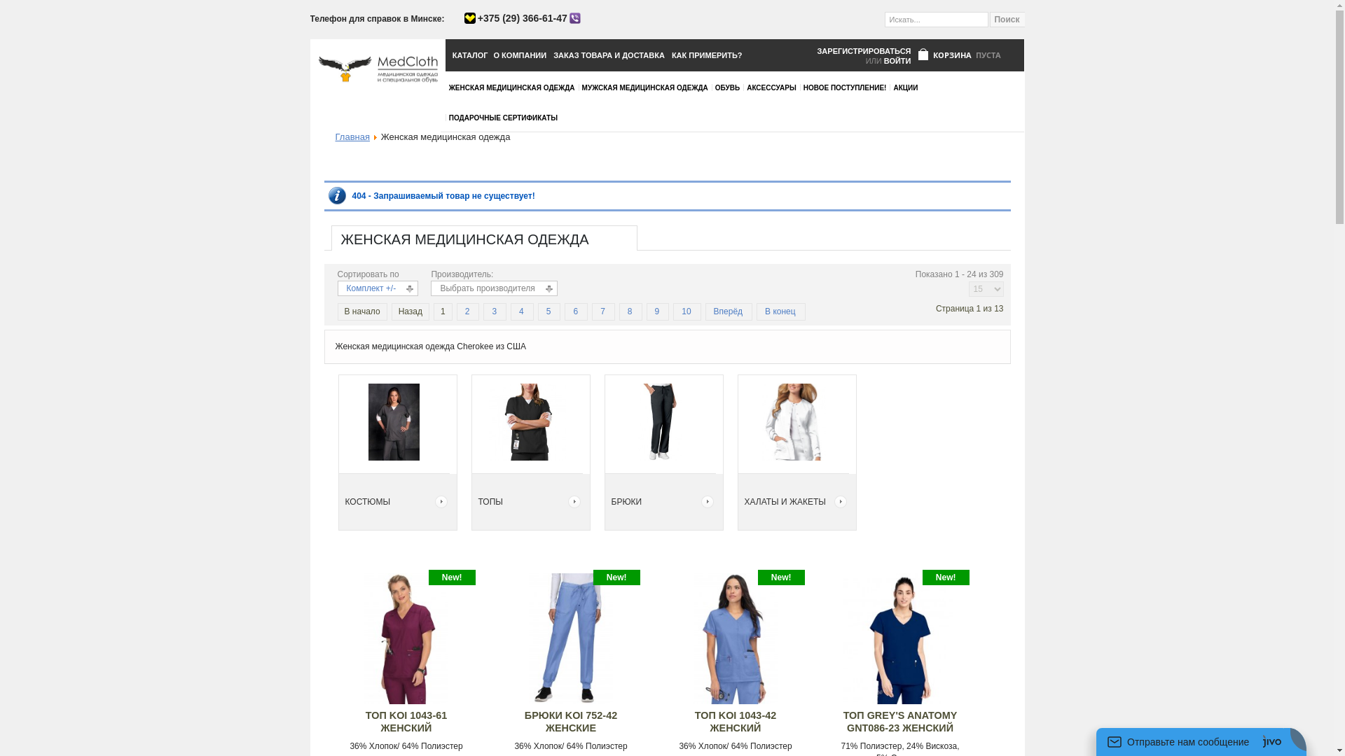 The width and height of the screenshot is (1345, 756). Describe the element at coordinates (467, 310) in the screenshot. I see `'2'` at that location.